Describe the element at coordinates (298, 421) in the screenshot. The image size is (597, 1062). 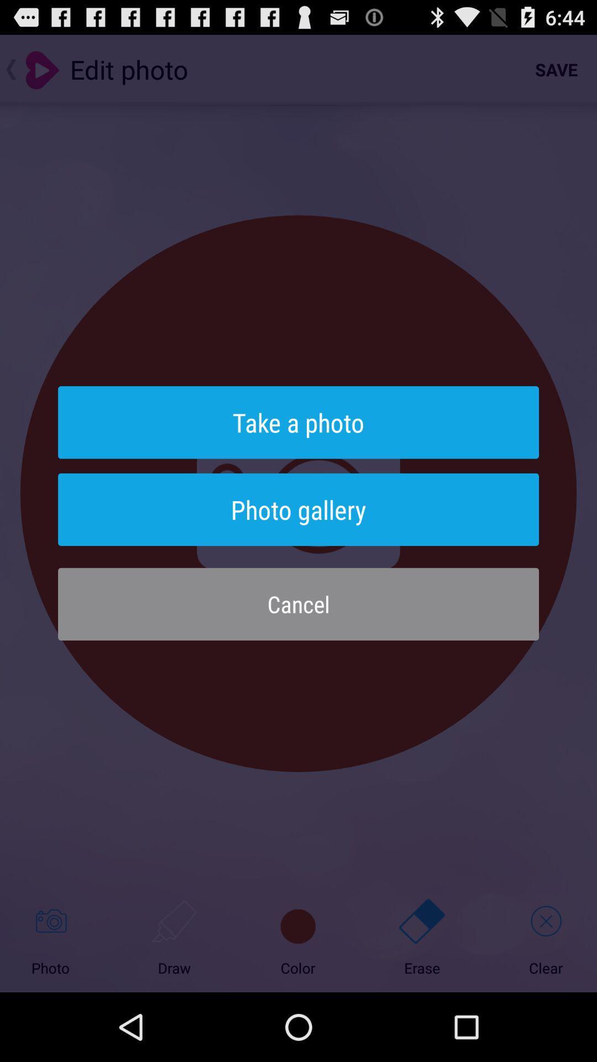
I see `the item above photo gallery item` at that location.